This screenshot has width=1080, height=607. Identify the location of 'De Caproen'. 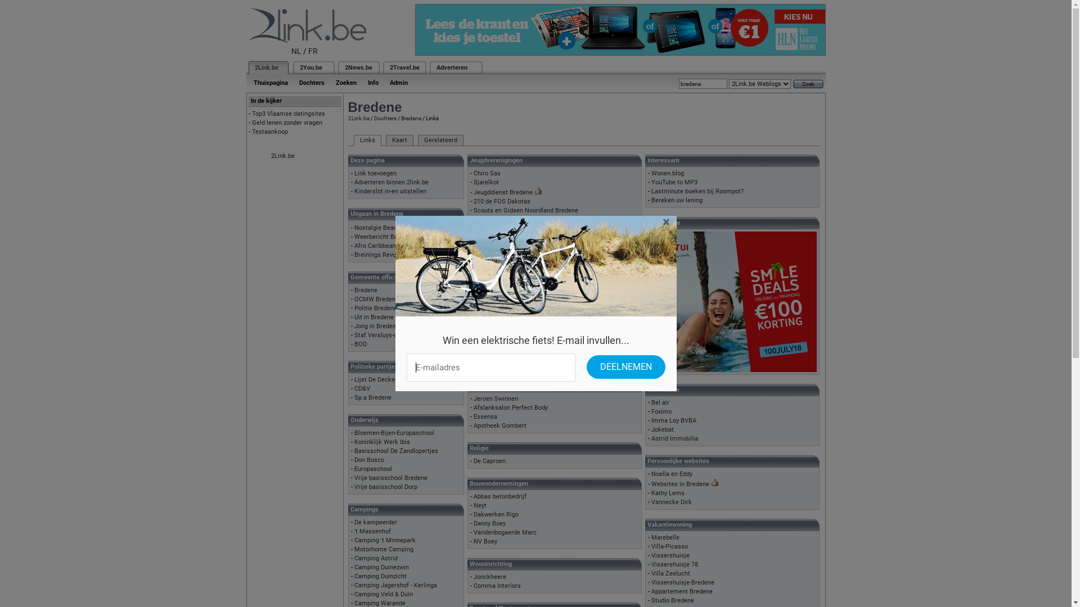
(489, 461).